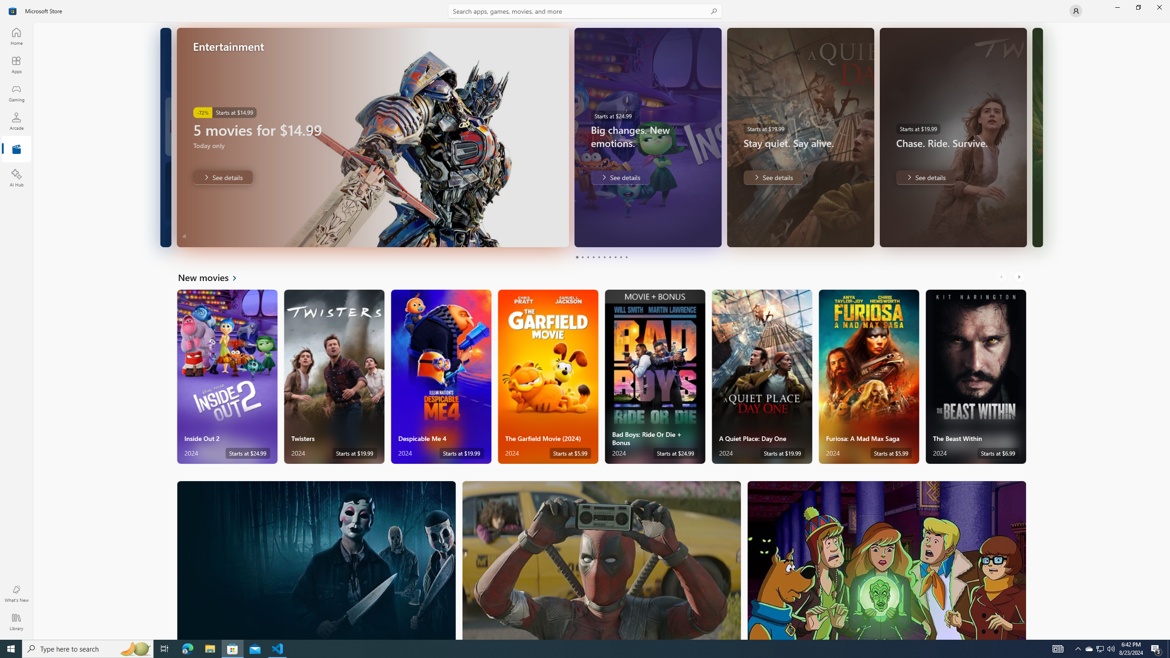 The image size is (1170, 658). I want to click on 'Restore Microsoft Store', so click(1138, 7).